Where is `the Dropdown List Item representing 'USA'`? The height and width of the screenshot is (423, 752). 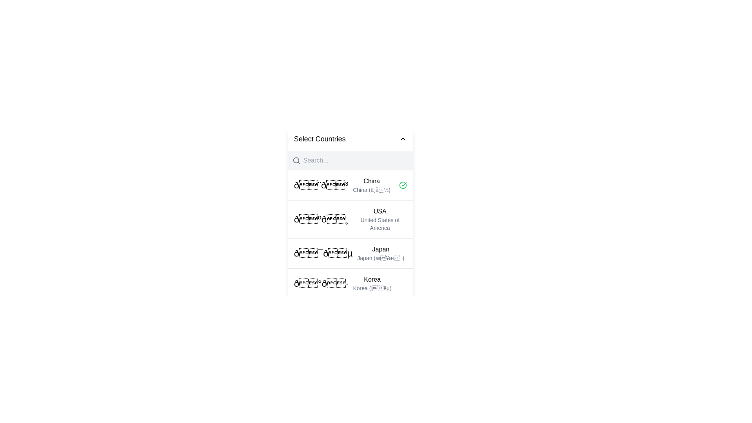
the Dropdown List Item representing 'USA' is located at coordinates (350, 229).